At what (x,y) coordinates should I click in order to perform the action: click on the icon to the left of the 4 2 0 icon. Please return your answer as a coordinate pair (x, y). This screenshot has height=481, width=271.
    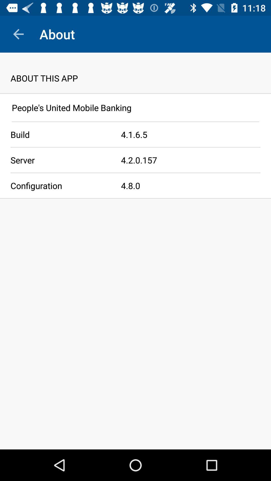
    Looking at the image, I should click on (60, 160).